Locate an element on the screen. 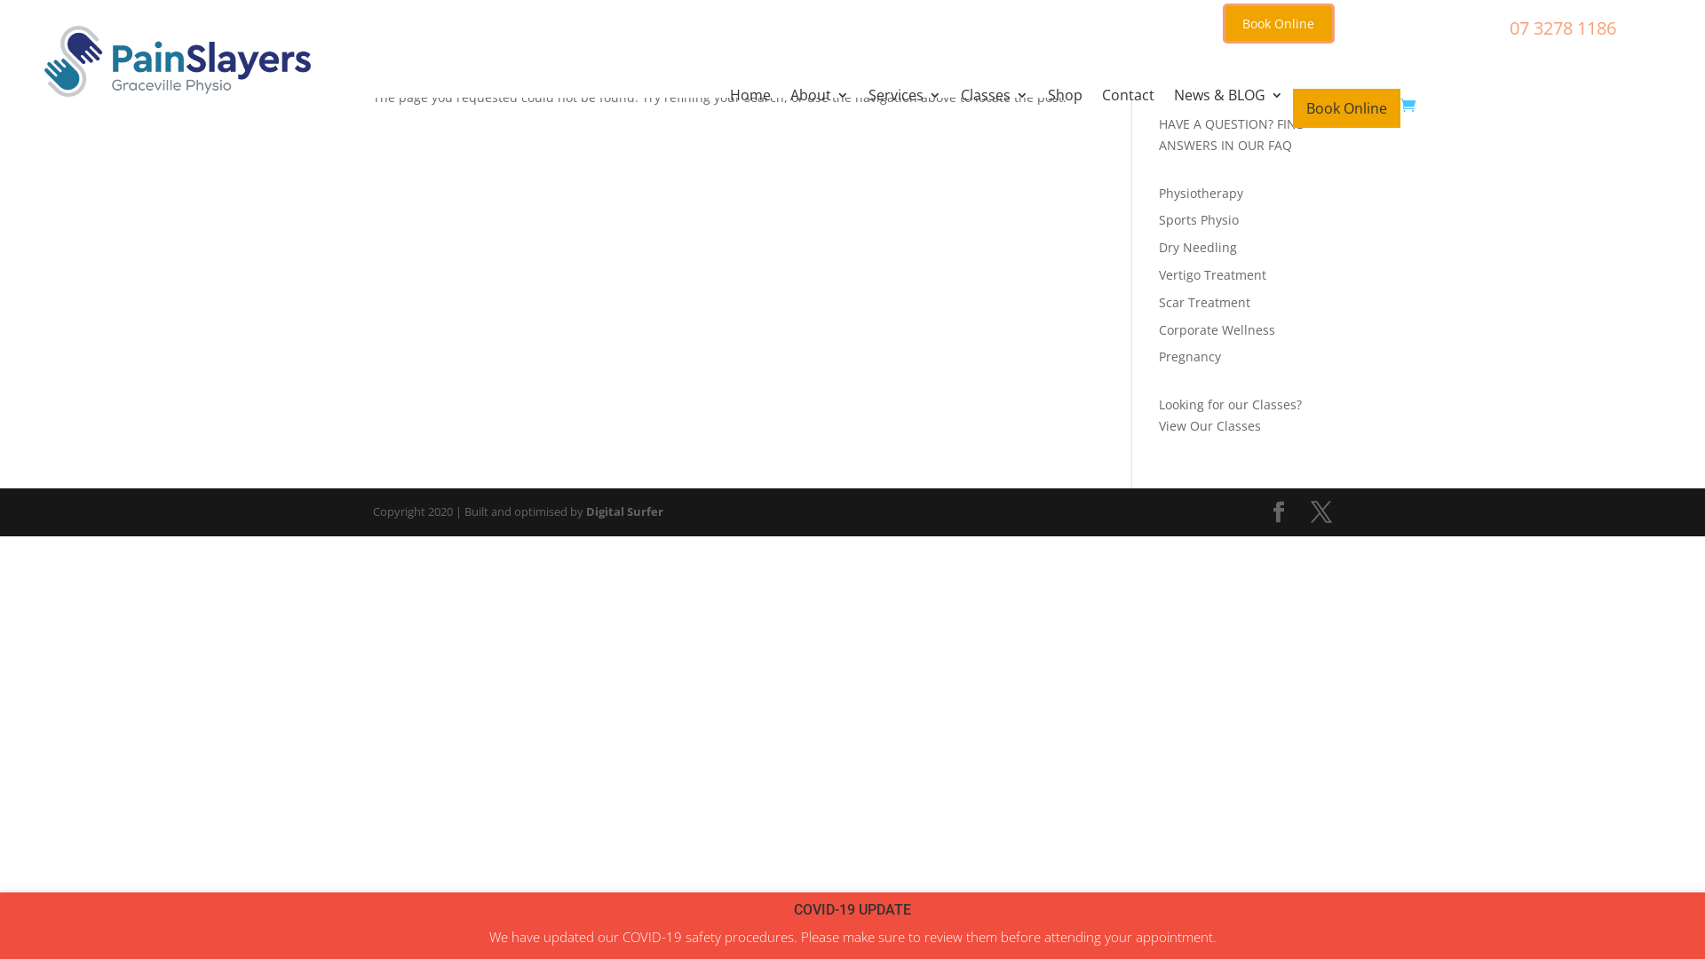 This screenshot has width=1705, height=959. 'Scar Treatment' is located at coordinates (1204, 301).